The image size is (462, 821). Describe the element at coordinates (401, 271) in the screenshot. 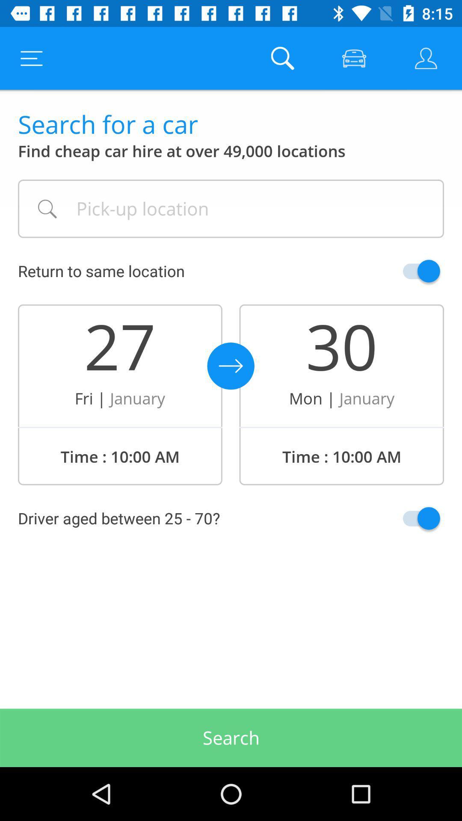

I see `return to same location` at that location.